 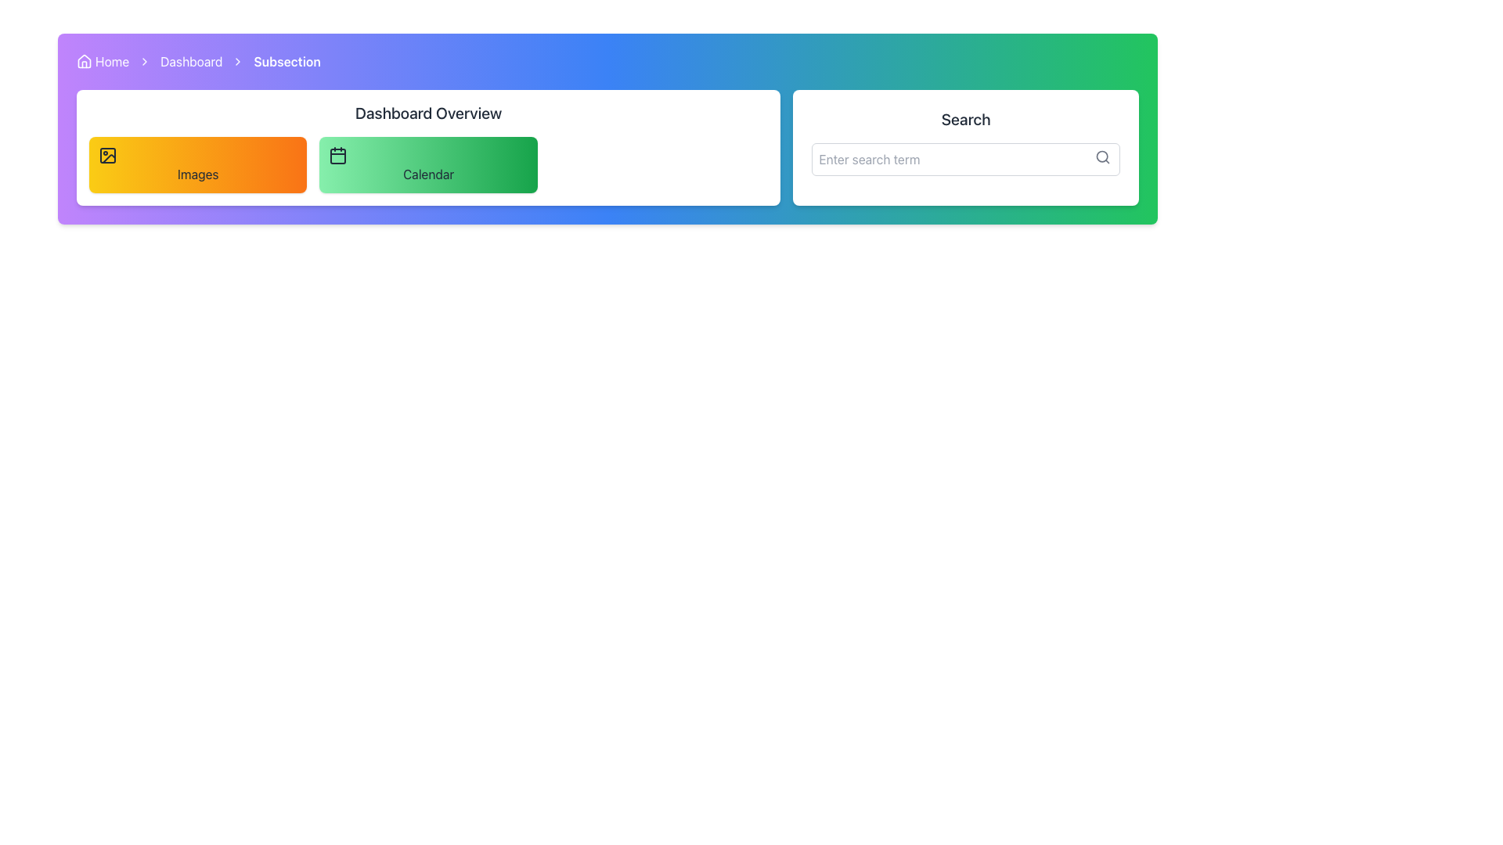 What do you see at coordinates (337, 156) in the screenshot?
I see `the Calendar icon which is part of the 'Calendar' card in the 'Dashboard Overview' section, centrally aligned above the 'Calendar' text` at bounding box center [337, 156].